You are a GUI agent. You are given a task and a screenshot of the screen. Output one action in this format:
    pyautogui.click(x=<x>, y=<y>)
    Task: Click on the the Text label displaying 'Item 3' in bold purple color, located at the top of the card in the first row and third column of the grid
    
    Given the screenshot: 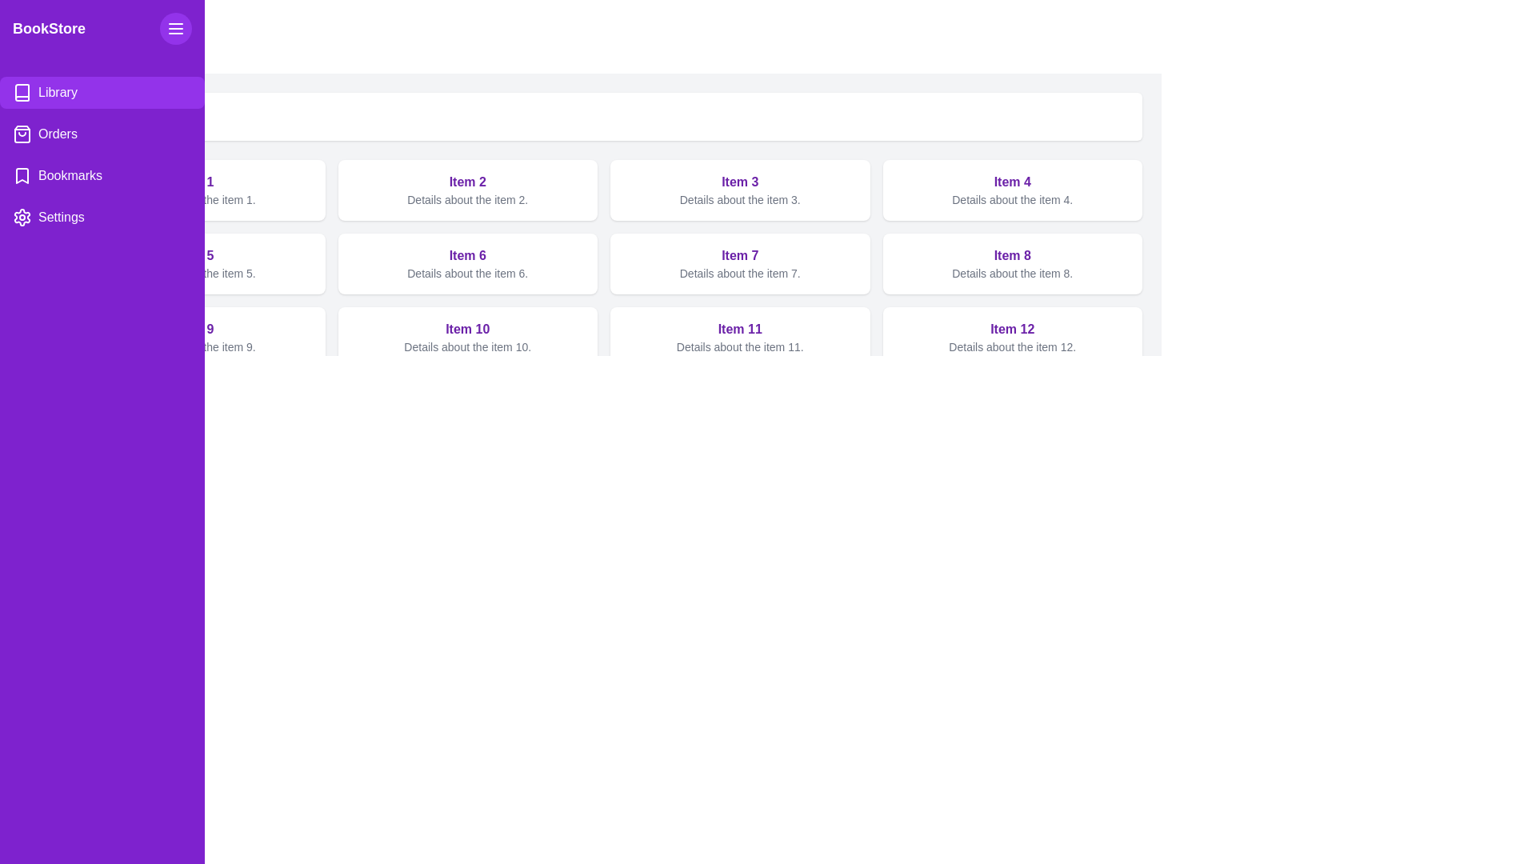 What is the action you would take?
    pyautogui.click(x=739, y=181)
    